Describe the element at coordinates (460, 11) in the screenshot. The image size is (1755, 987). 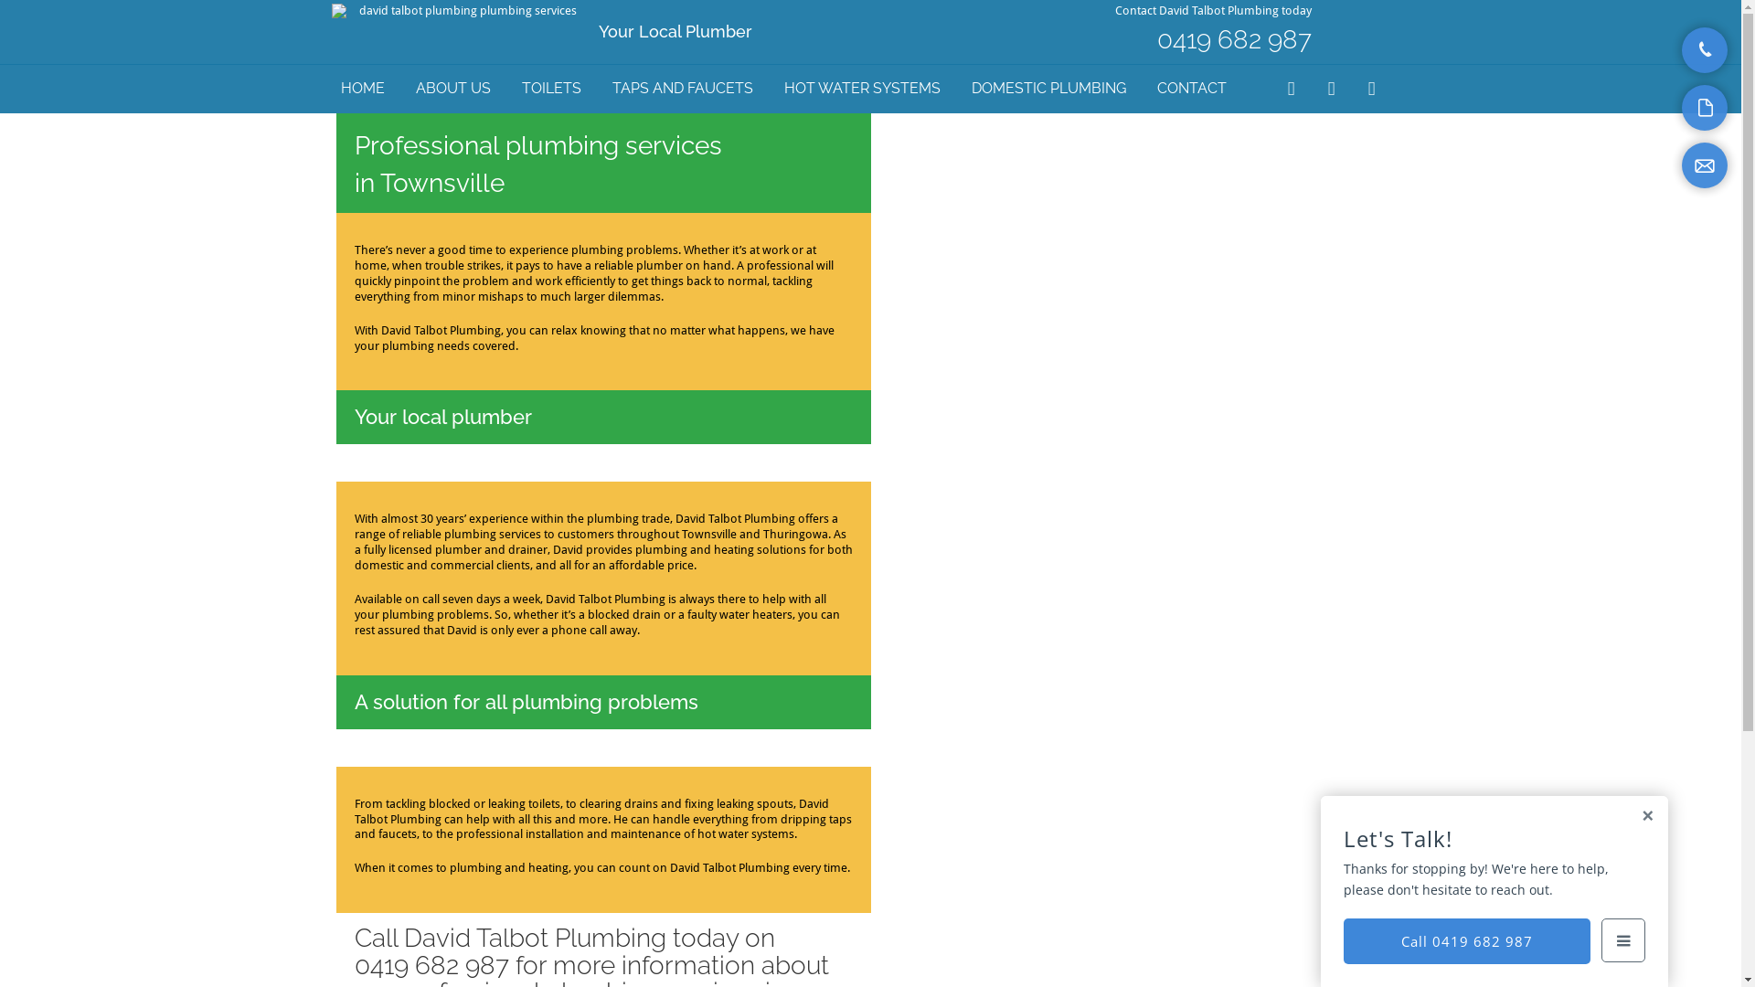
I see `'david talbot plumbing plumbing services'` at that location.